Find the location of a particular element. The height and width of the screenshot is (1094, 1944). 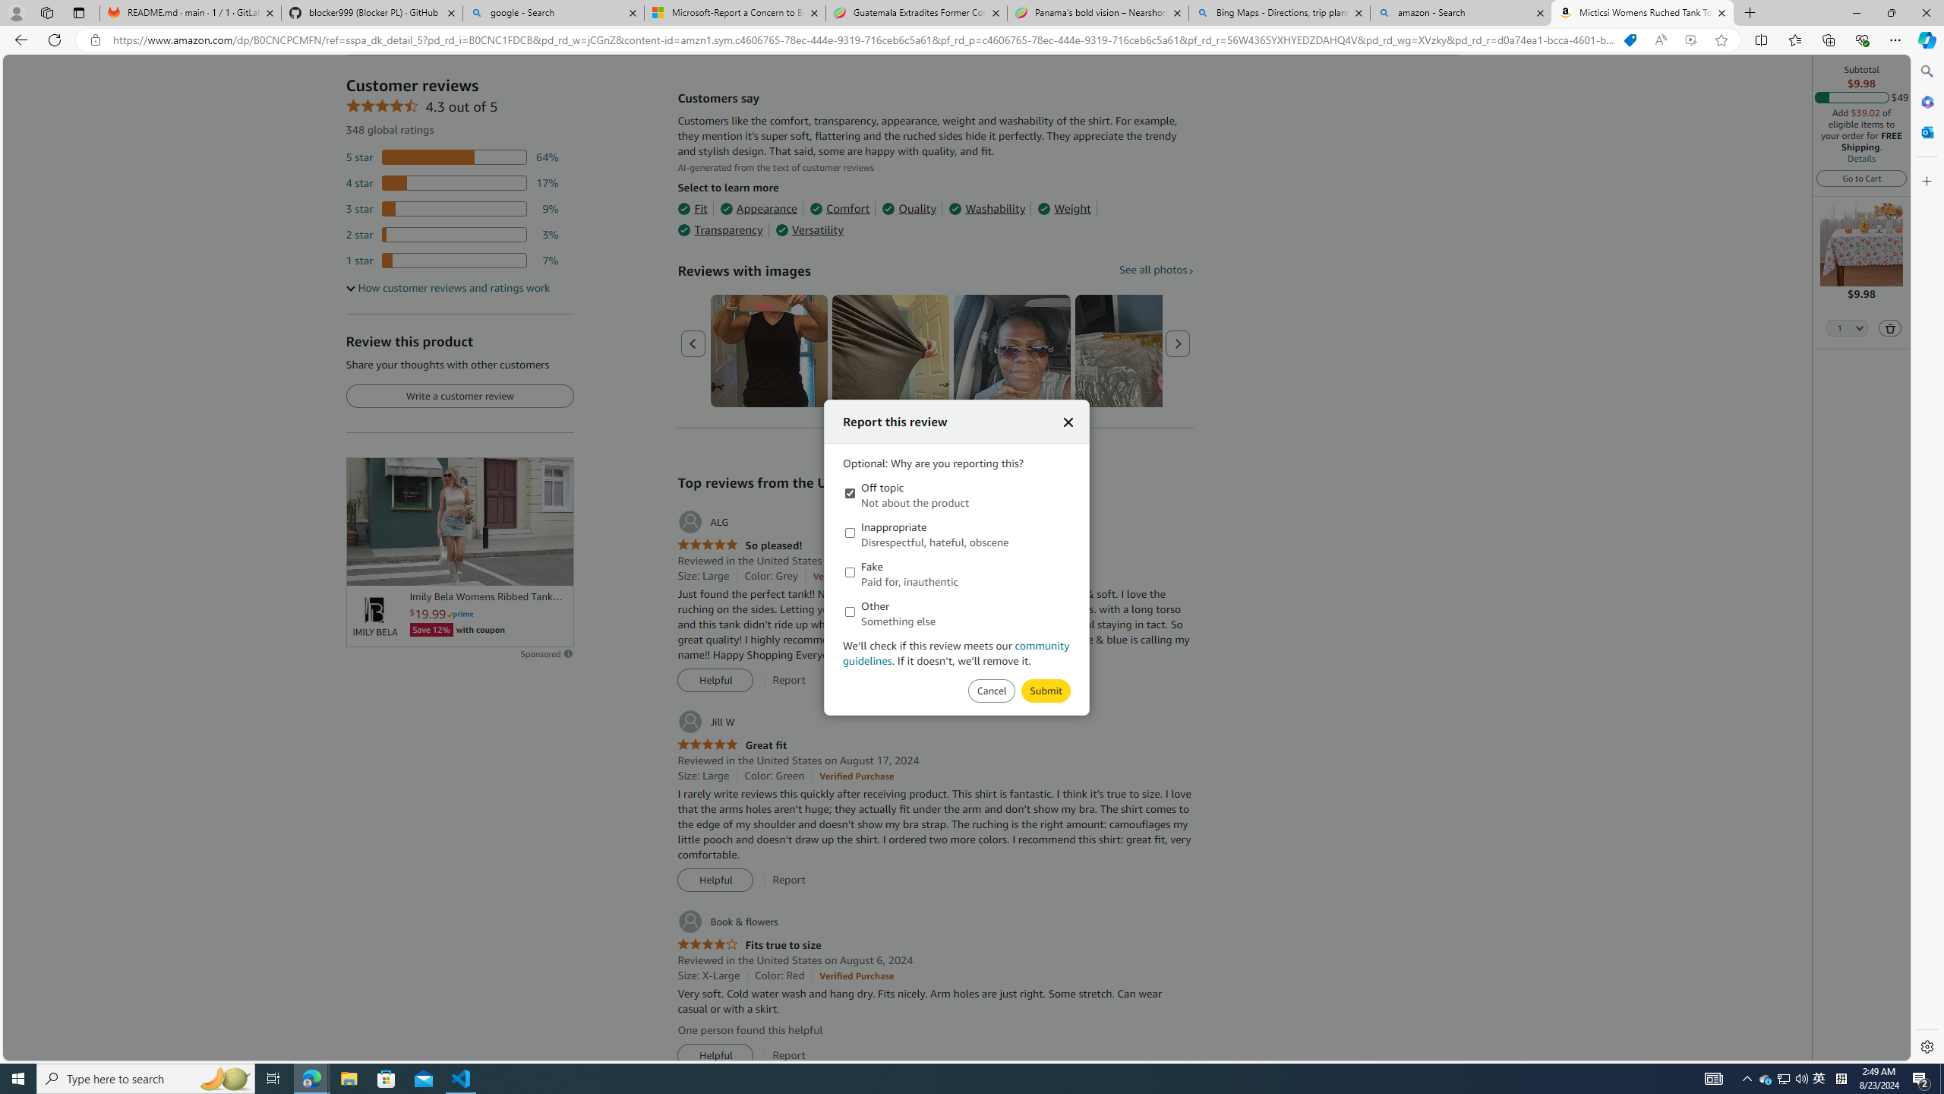

'How customer reviews and ratings work' is located at coordinates (448, 288).